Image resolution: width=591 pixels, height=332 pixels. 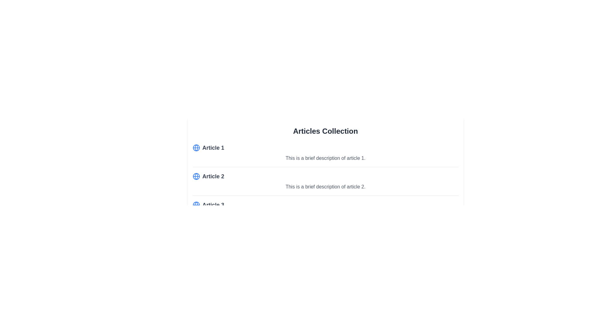 What do you see at coordinates (325, 187) in the screenshot?
I see `the text label that reads 'This is a brief description of article 2.' which is located under the heading 'Article 2'` at bounding box center [325, 187].